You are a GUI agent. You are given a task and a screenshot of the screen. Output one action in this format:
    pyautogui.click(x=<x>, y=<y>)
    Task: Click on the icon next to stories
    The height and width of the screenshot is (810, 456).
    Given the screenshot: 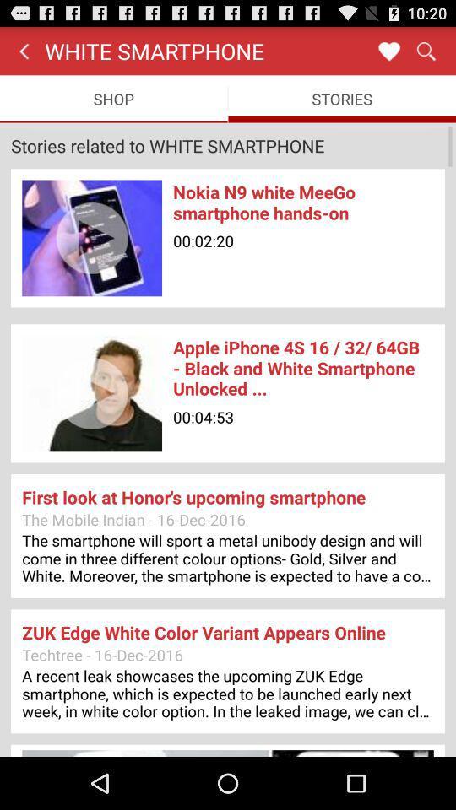 What is the action you would take?
    pyautogui.click(x=113, y=99)
    